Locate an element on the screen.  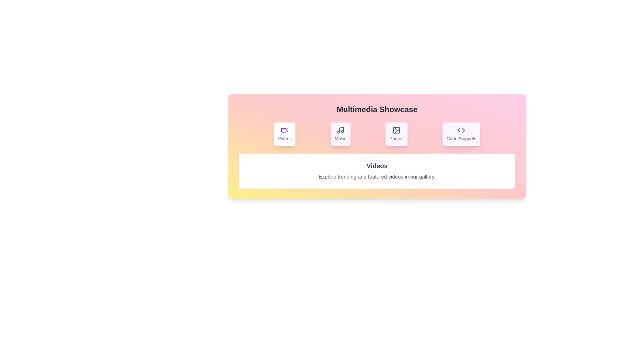
the tab labeled Videos to switch the content is located at coordinates (284, 134).